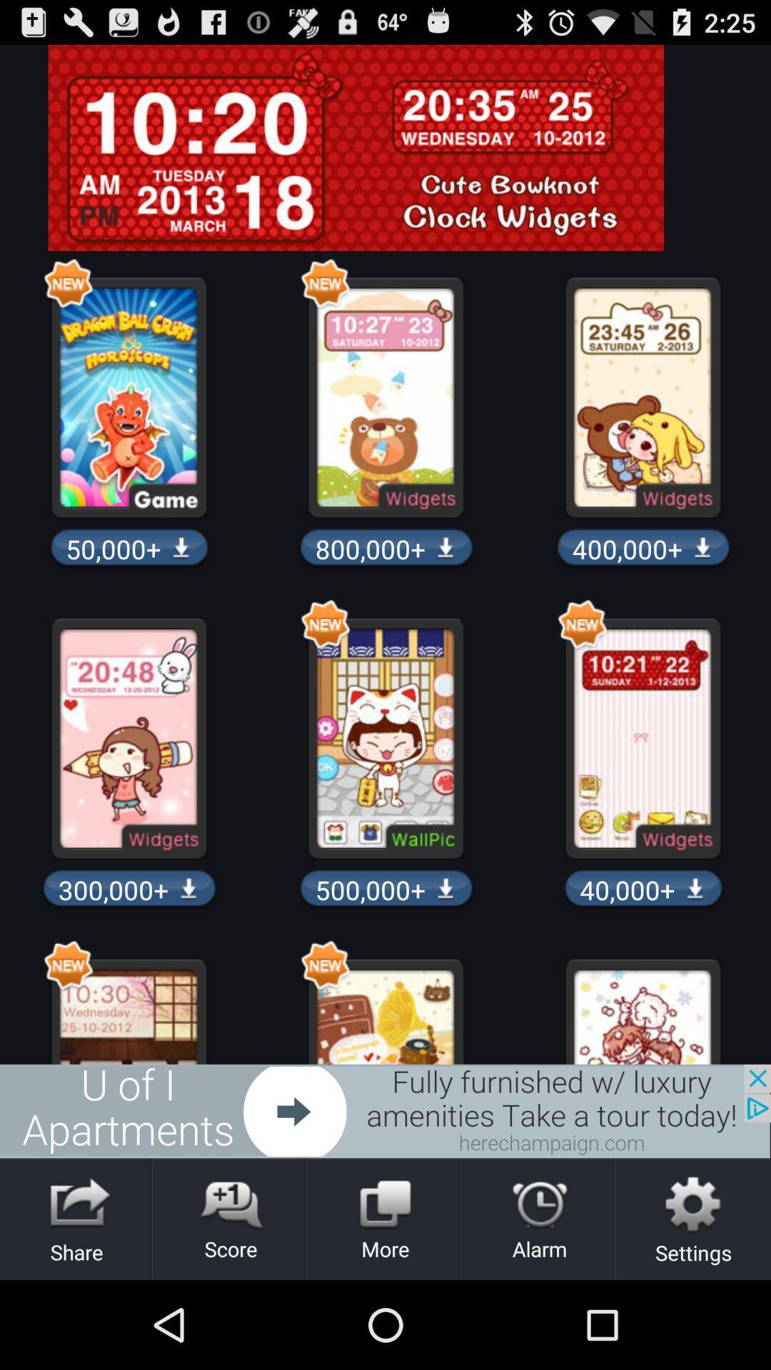 This screenshot has height=1370, width=771. Describe the element at coordinates (385, 1110) in the screenshot. I see `game` at that location.